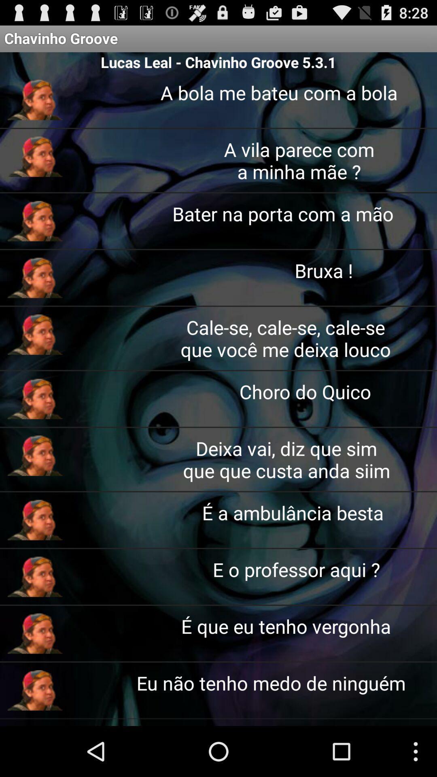 This screenshot has width=437, height=777. What do you see at coordinates (35, 334) in the screenshot?
I see `the fifth image from the top` at bounding box center [35, 334].